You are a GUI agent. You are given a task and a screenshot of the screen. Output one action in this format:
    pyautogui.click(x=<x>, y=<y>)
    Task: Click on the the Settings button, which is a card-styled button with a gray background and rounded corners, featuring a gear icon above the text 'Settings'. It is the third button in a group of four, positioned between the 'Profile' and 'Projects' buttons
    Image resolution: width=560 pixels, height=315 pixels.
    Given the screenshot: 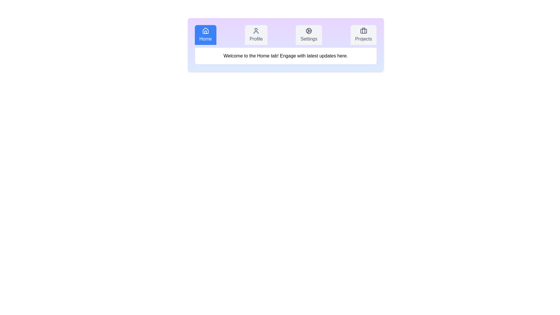 What is the action you would take?
    pyautogui.click(x=309, y=35)
    